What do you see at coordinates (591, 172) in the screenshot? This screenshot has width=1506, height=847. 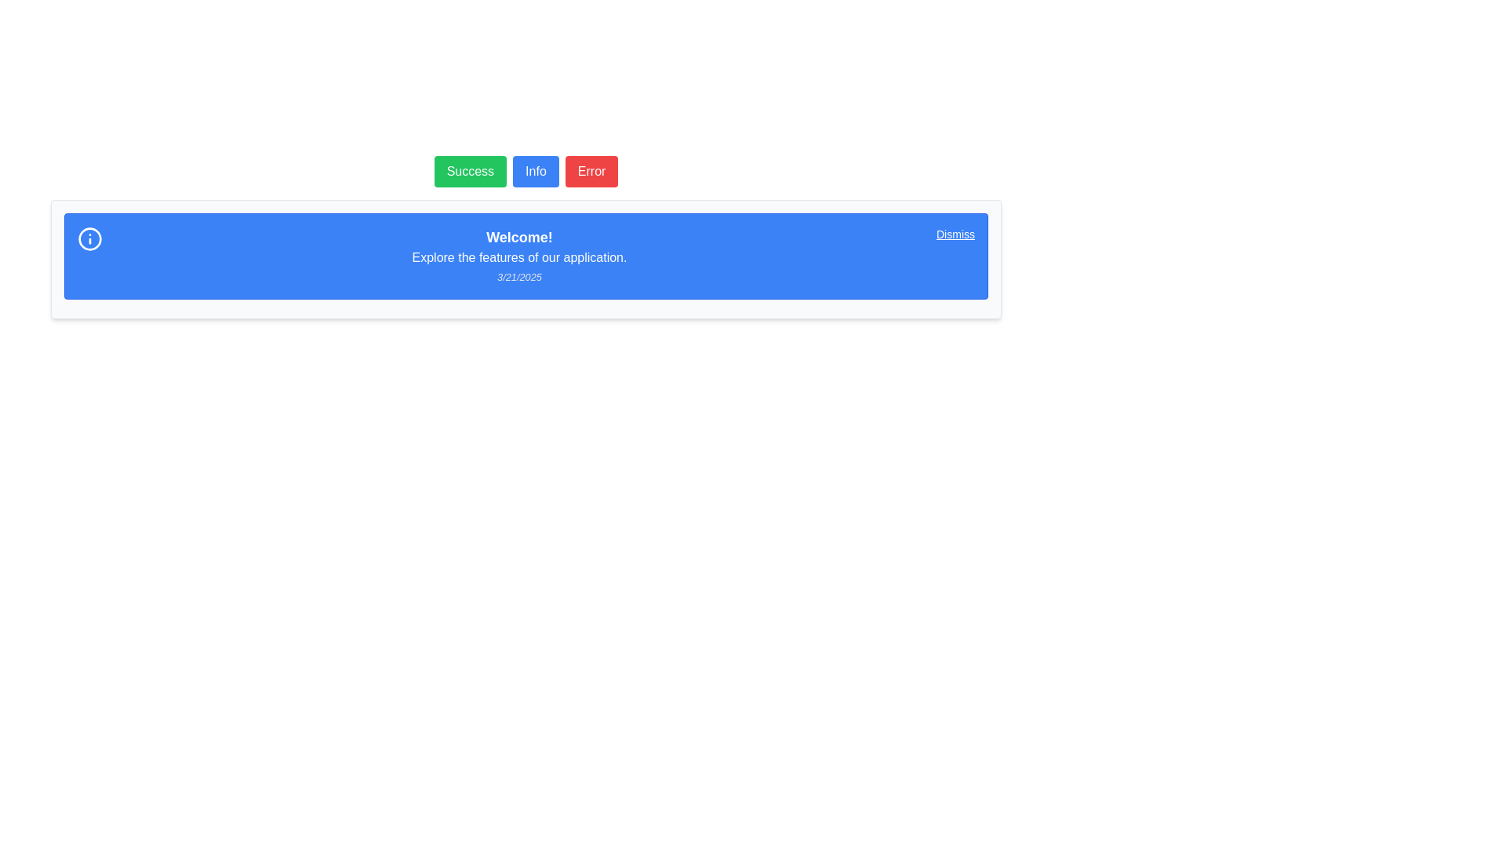 I see `the red 'Error' button with white text` at bounding box center [591, 172].